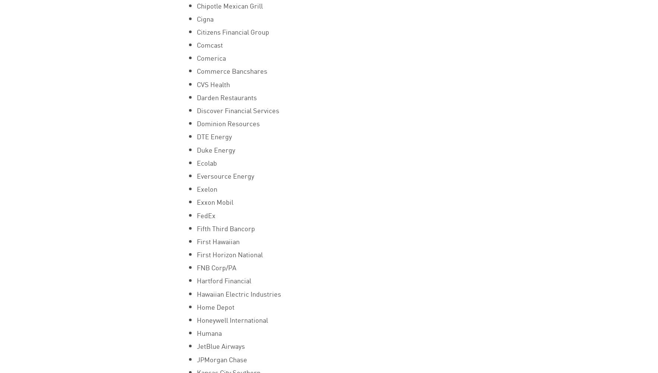 Image resolution: width=658 pixels, height=373 pixels. What do you see at coordinates (226, 96) in the screenshot?
I see `'Darden Restaurants'` at bounding box center [226, 96].